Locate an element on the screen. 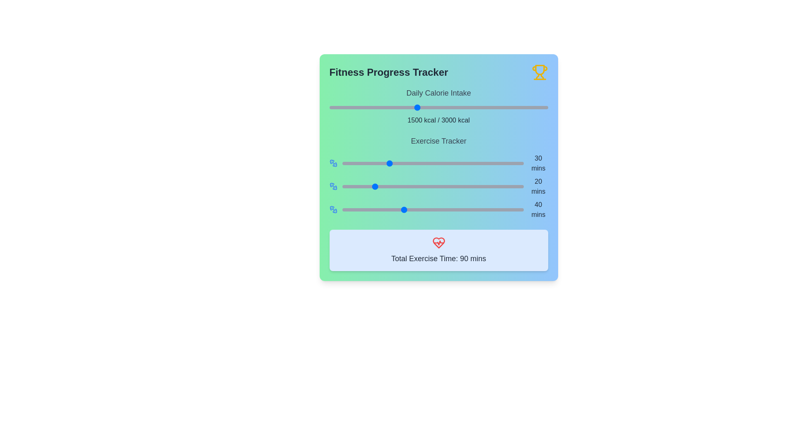 Image resolution: width=795 pixels, height=447 pixels. the Informative card with a light blue background and a red heart icon at the top, which displays 'Total Exercise Time: 90 mins' below it is located at coordinates (438, 250).